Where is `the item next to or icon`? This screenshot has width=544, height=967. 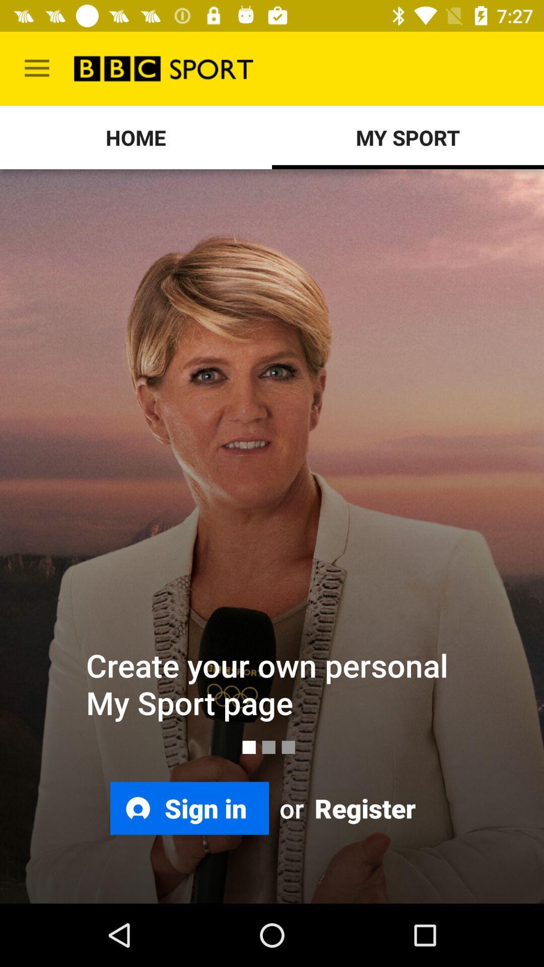 the item next to or icon is located at coordinates (189, 808).